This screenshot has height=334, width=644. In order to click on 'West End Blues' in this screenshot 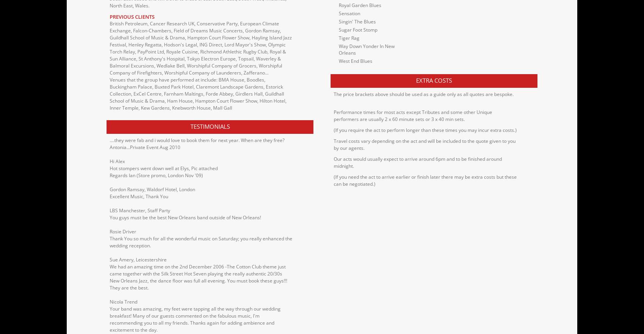, I will do `click(339, 60)`.